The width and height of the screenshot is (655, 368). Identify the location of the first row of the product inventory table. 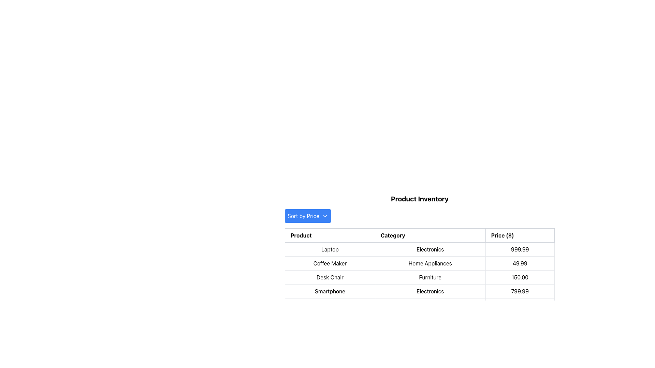
(419, 249).